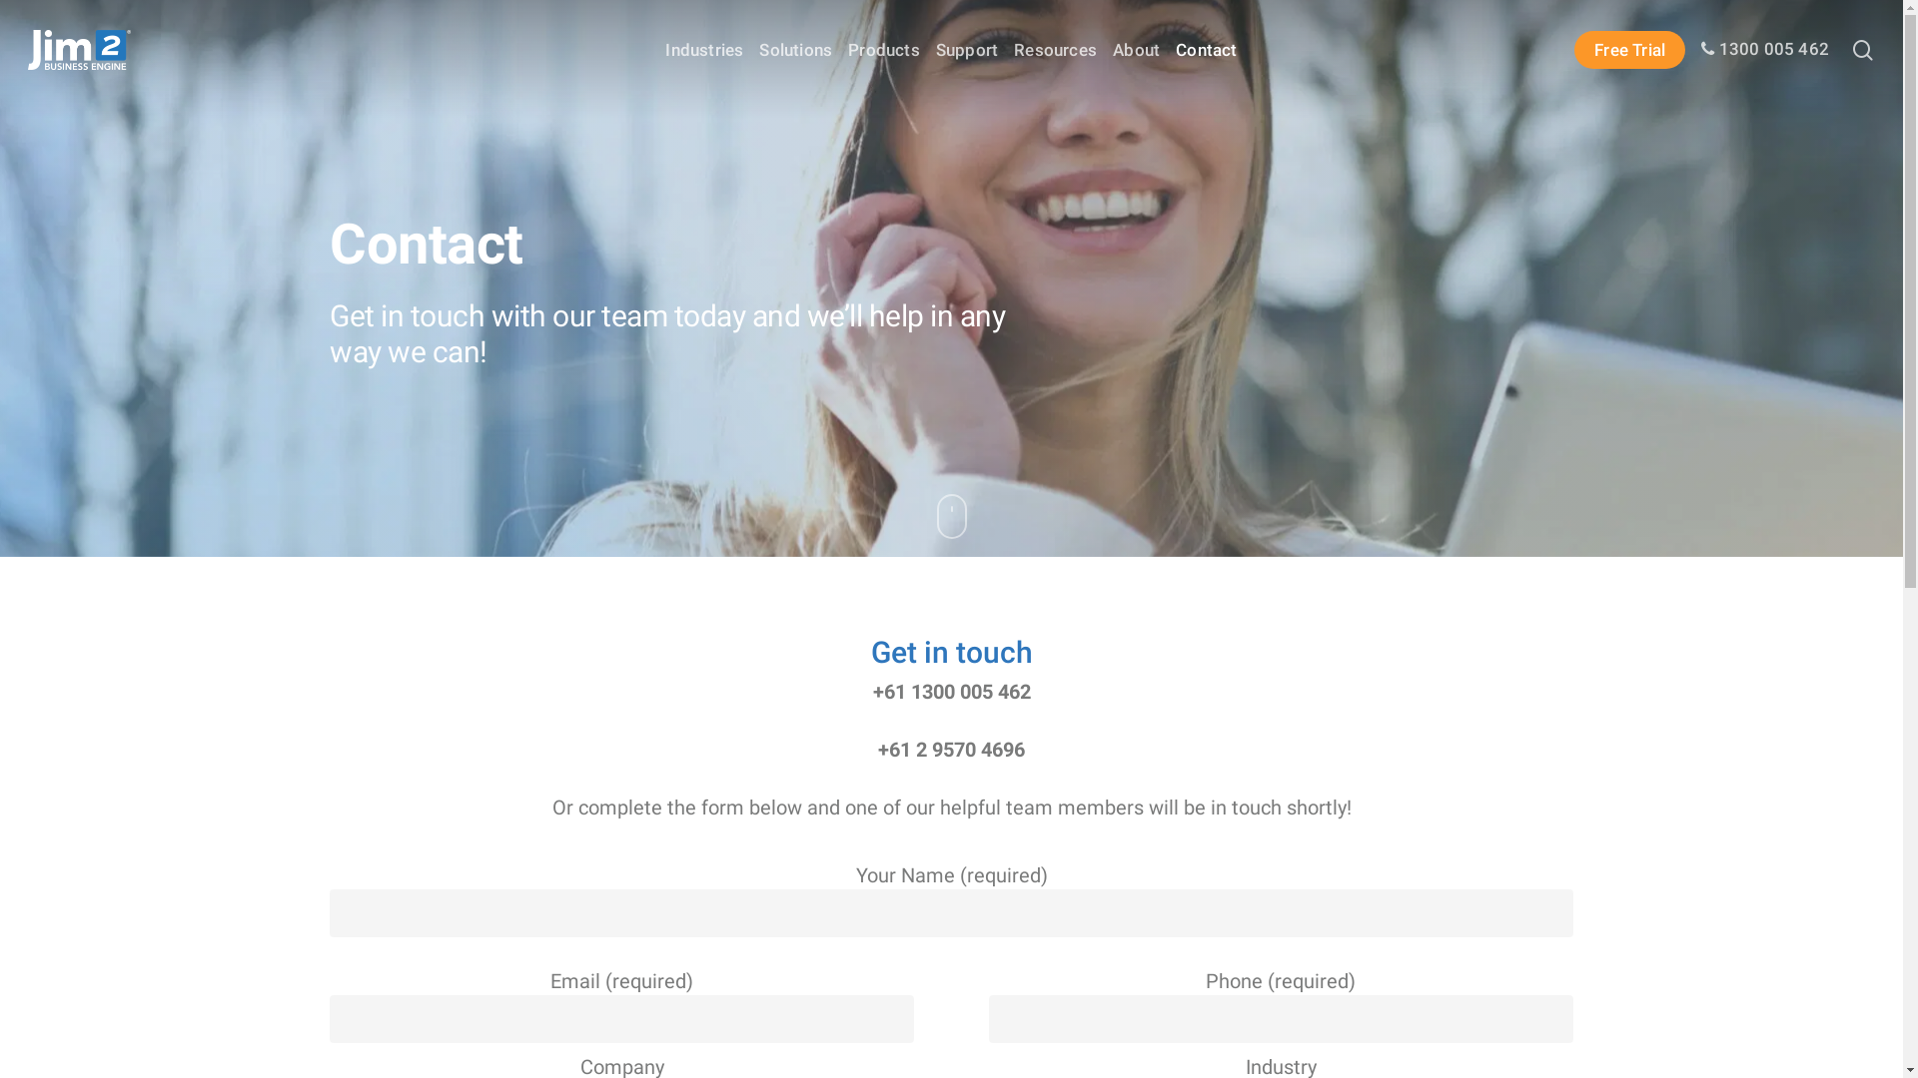  I want to click on 'About', so click(1136, 49).